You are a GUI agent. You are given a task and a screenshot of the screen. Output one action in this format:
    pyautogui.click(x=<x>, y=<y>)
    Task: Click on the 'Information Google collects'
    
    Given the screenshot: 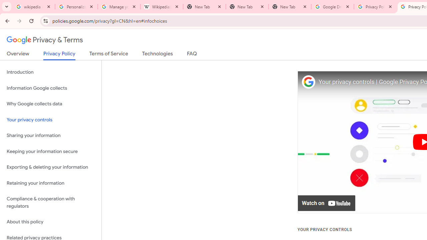 What is the action you would take?
    pyautogui.click(x=50, y=88)
    